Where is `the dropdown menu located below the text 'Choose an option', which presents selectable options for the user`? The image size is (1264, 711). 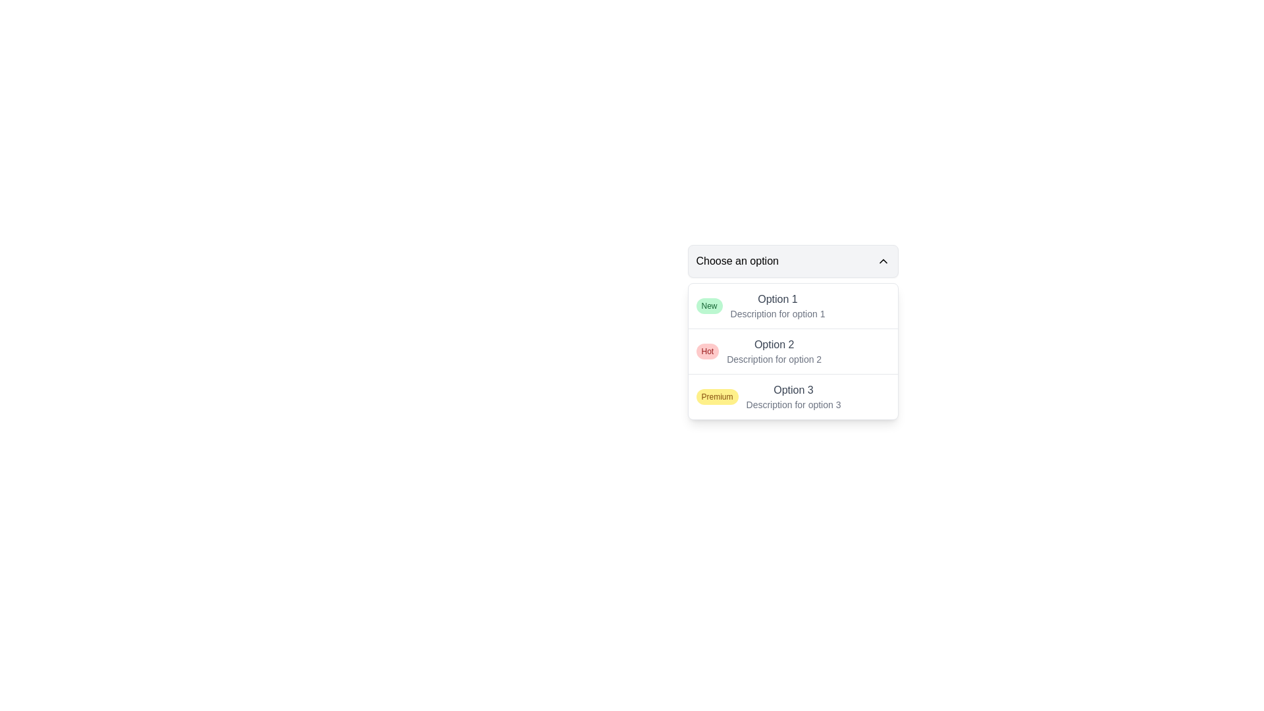 the dropdown menu located below the text 'Choose an option', which presents selectable options for the user is located at coordinates (792, 350).